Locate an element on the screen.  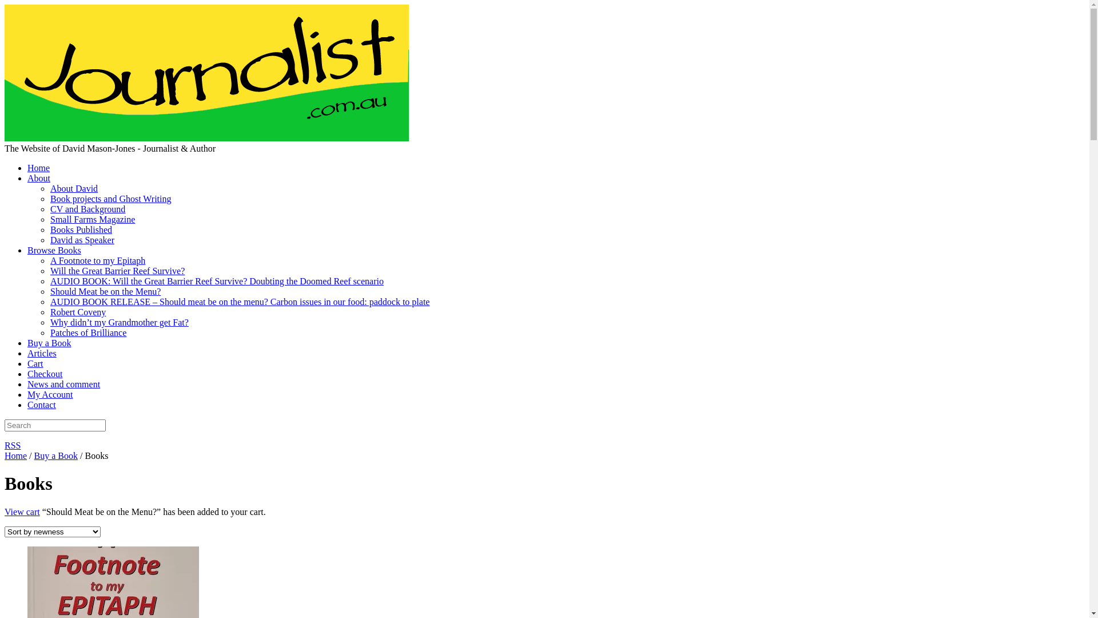
'Cart' is located at coordinates (27, 363).